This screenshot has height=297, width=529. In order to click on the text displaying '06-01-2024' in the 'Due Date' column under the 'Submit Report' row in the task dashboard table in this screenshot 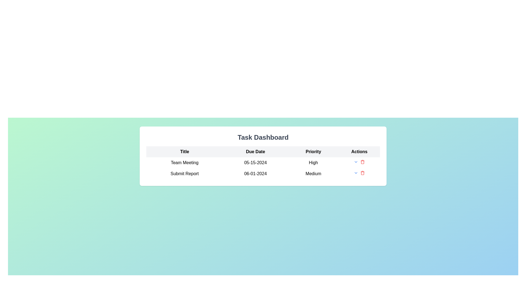, I will do `click(255, 174)`.